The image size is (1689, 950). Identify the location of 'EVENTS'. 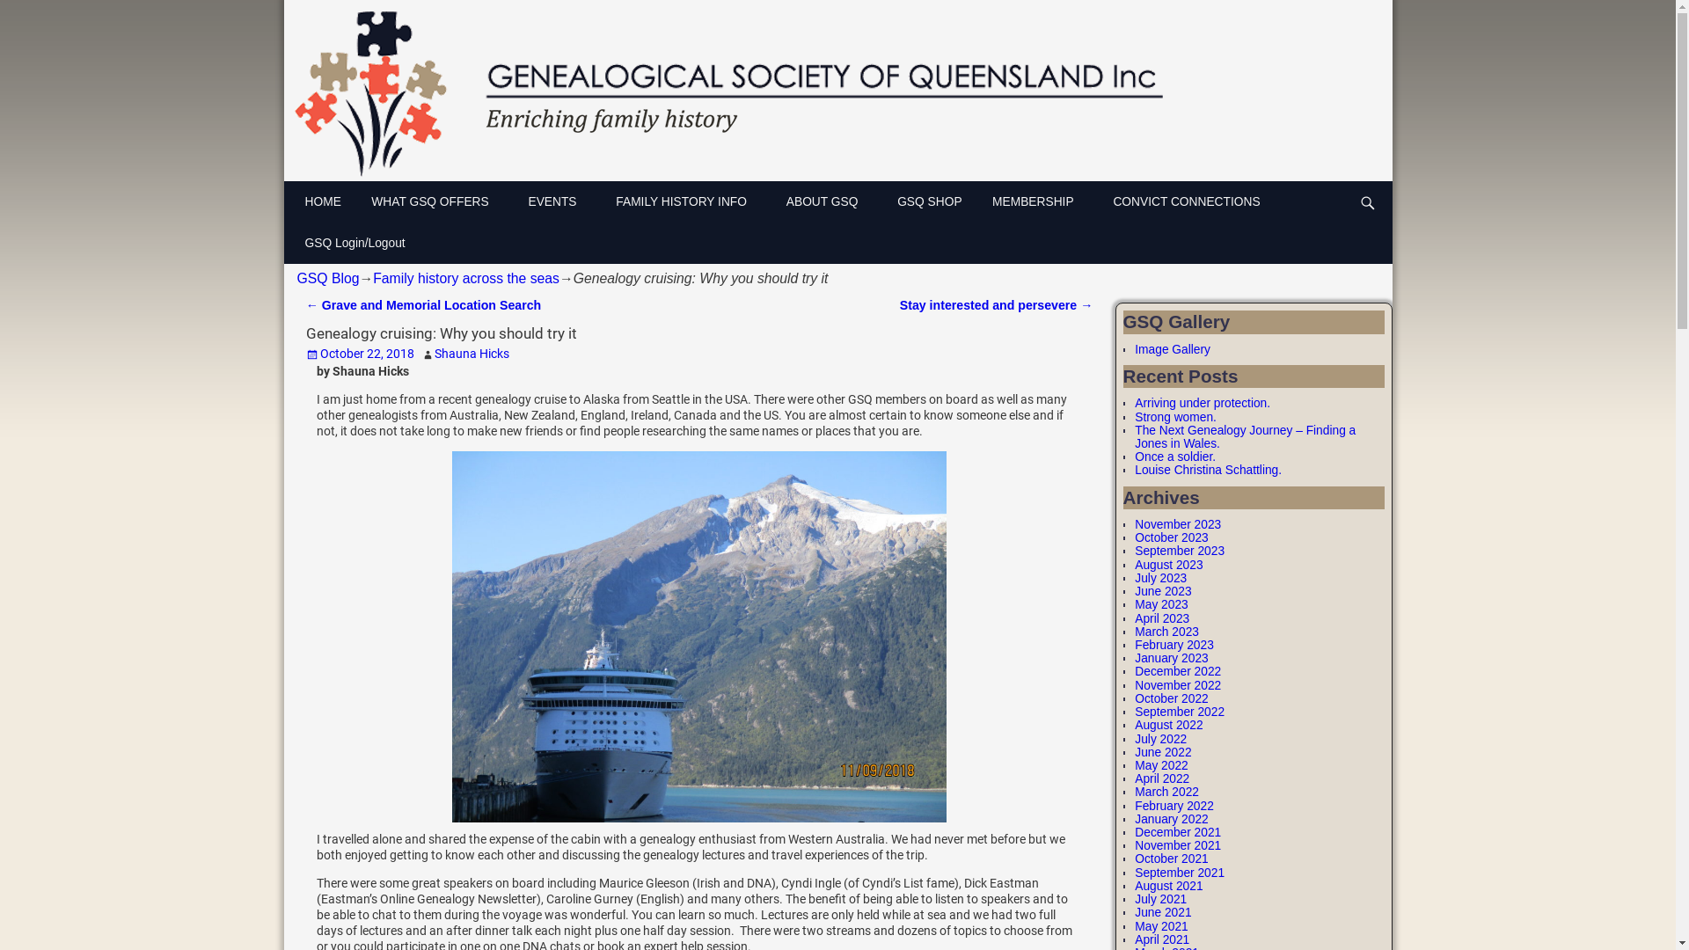
(561, 201).